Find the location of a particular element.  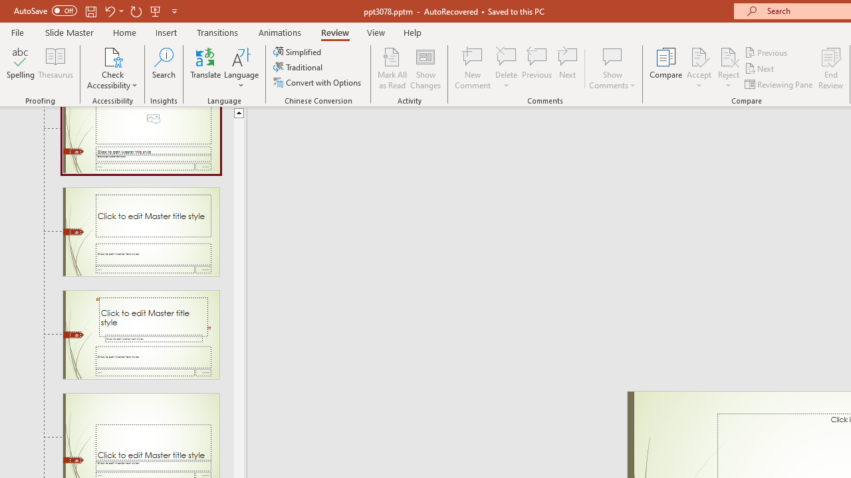

'Show Comments' is located at coordinates (612, 56).